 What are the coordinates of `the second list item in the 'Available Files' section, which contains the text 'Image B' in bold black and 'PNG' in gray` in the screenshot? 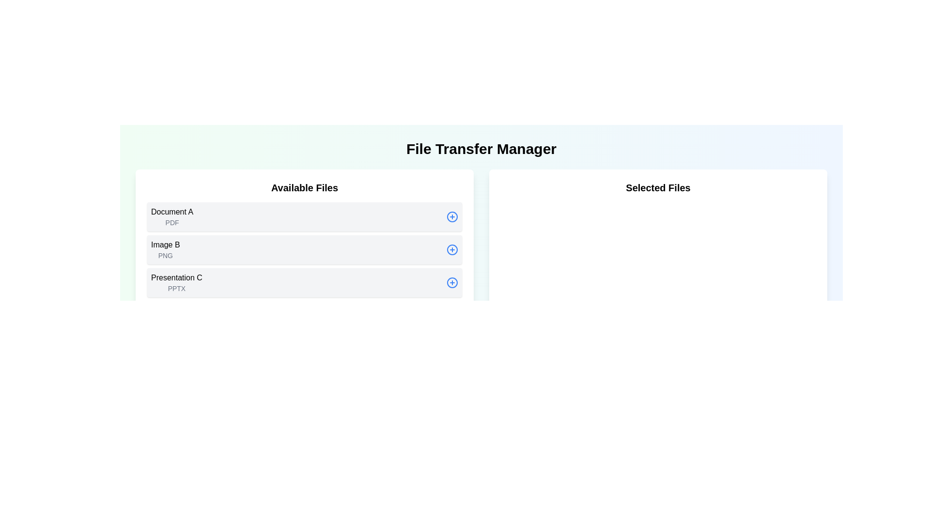 It's located at (165, 249).